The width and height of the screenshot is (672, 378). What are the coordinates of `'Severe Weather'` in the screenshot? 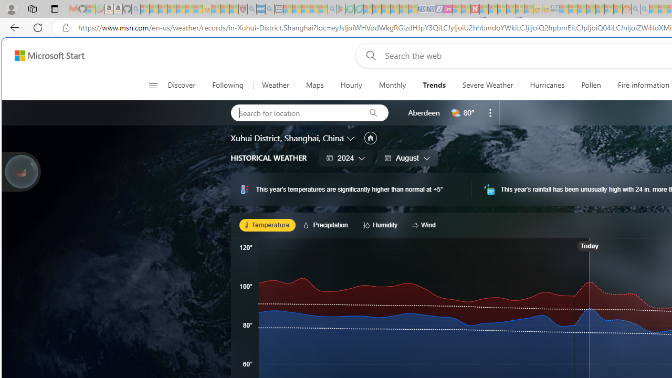 It's located at (487, 85).